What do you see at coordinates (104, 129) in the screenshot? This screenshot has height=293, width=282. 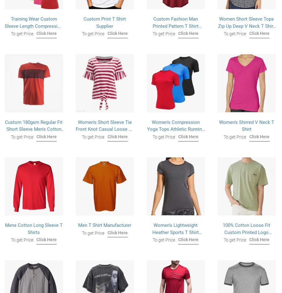 I see `'Women's Short Sleeve Tie Front Knot Casual Loose Fit Tee T Shirt Women's Tops'` at bounding box center [104, 129].